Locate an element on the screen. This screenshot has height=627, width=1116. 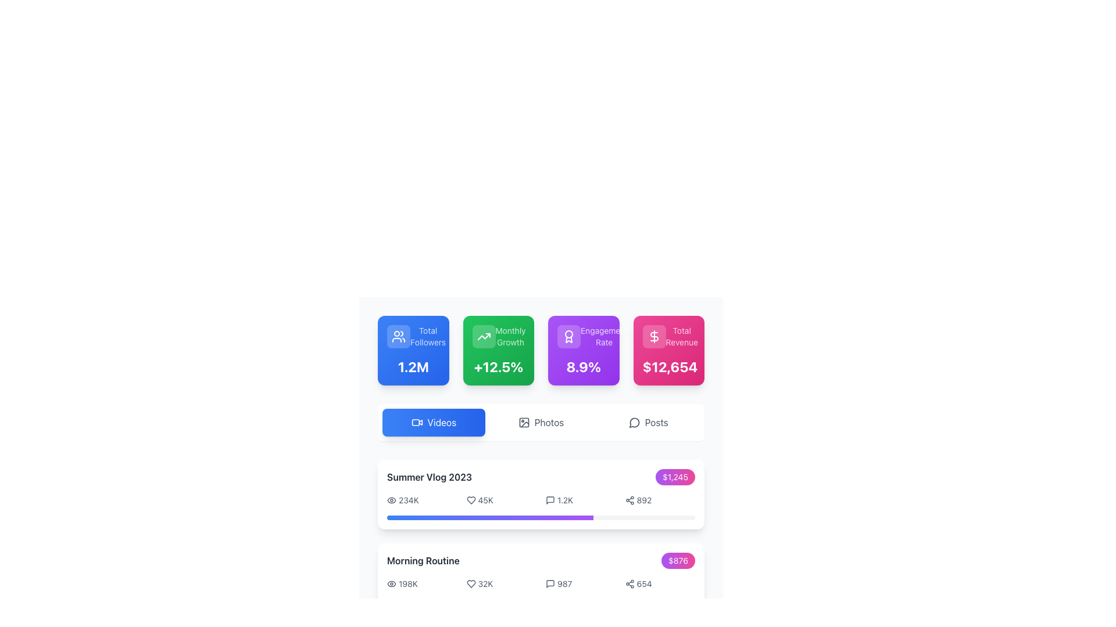
the upward growth icon located in the top-left corner of the green 'Monthly Growth' metric card on the dashboard interface is located at coordinates (484, 336).